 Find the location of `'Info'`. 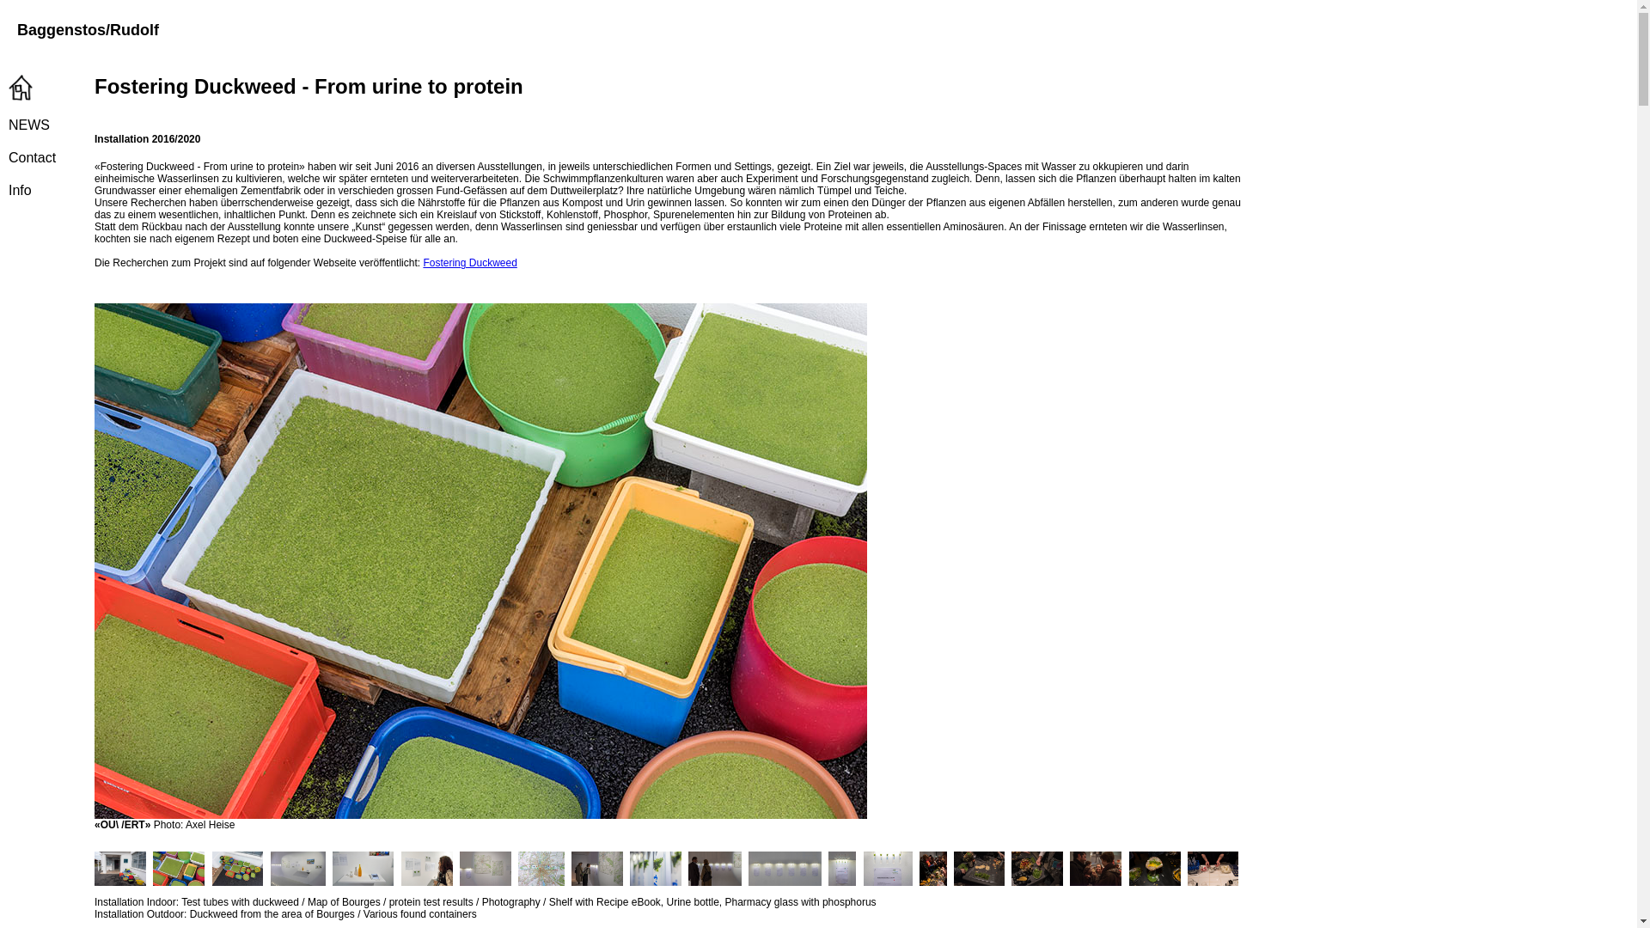

'Info' is located at coordinates (20, 191).